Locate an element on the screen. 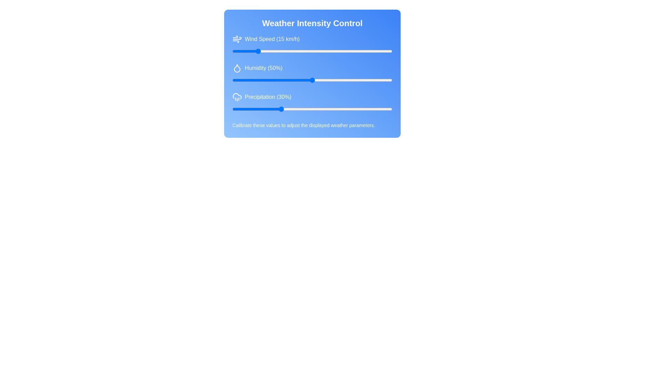  the small cloud icon with raindrops, located to the left of the text 'Precipitation (30%)' is located at coordinates (237, 97).